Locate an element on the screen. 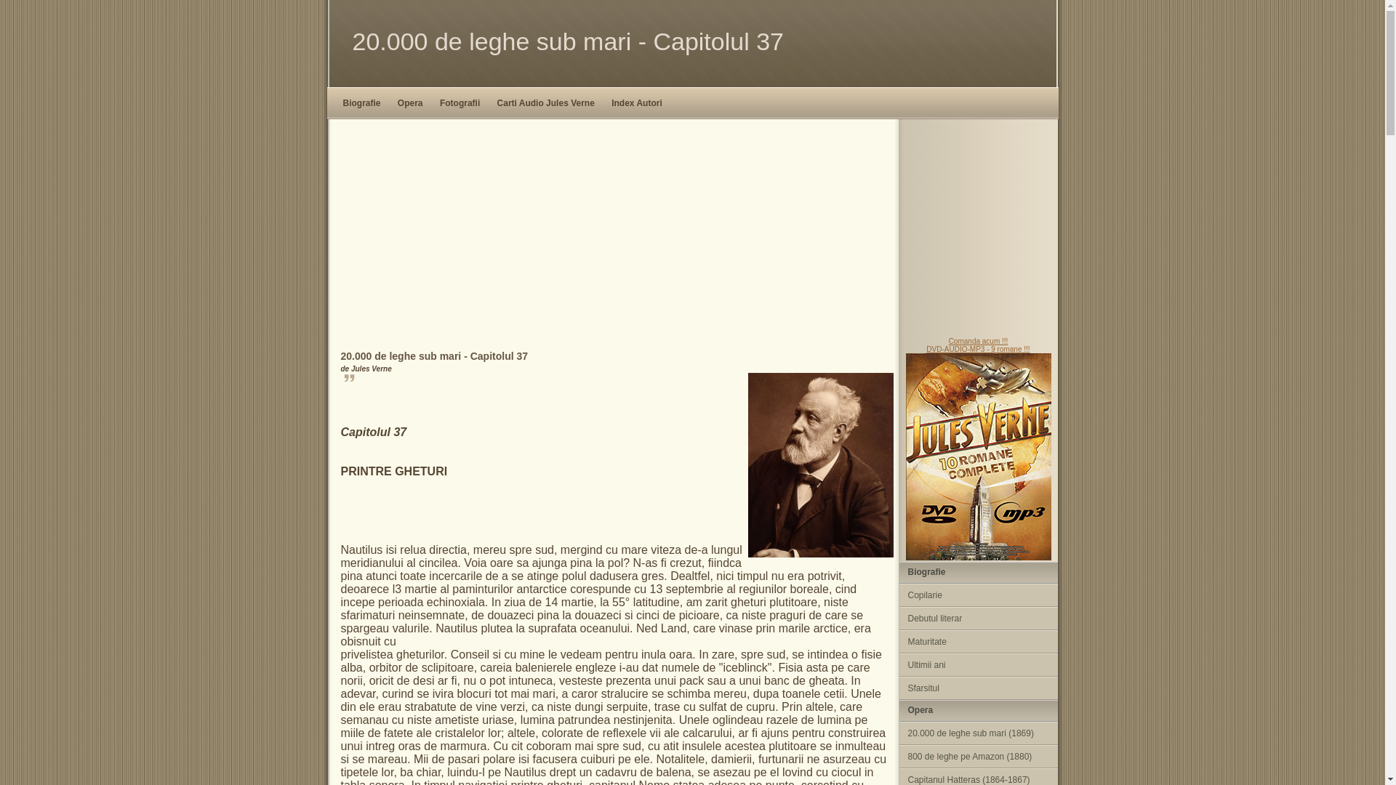 The height and width of the screenshot is (785, 1396). 'Sfarsitul' is located at coordinates (898, 688).